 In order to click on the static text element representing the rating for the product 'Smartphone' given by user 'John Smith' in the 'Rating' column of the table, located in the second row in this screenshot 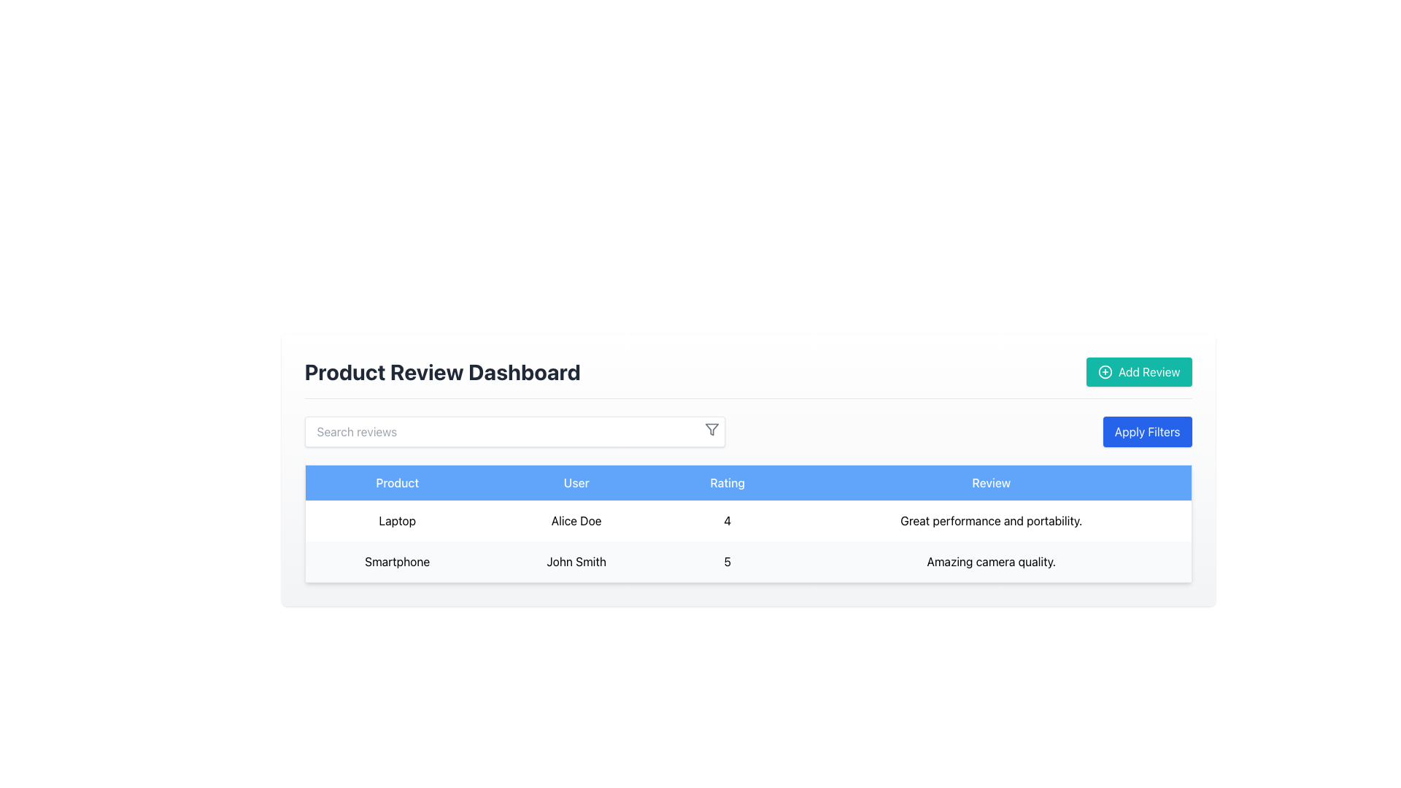, I will do `click(727, 561)`.